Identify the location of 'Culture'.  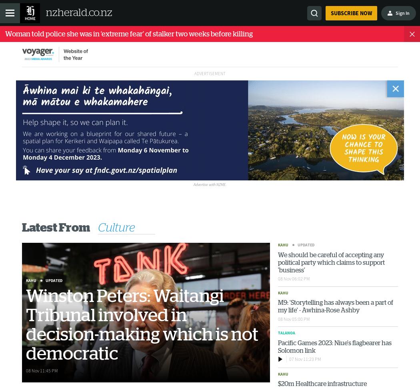
(116, 227).